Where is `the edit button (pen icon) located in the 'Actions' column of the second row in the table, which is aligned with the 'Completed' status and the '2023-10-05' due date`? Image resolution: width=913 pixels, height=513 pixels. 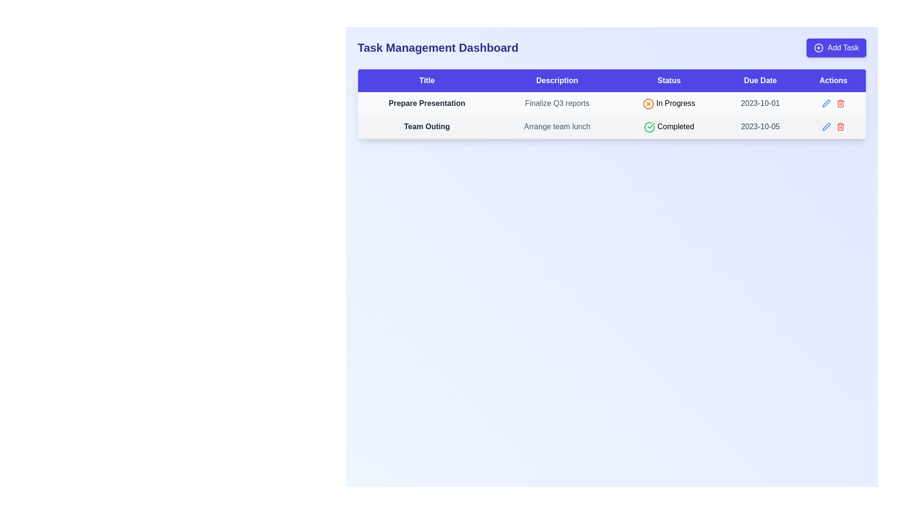 the edit button (pen icon) located in the 'Actions' column of the second row in the table, which is aligned with the 'Completed' status and the '2023-10-05' due date is located at coordinates (826, 104).